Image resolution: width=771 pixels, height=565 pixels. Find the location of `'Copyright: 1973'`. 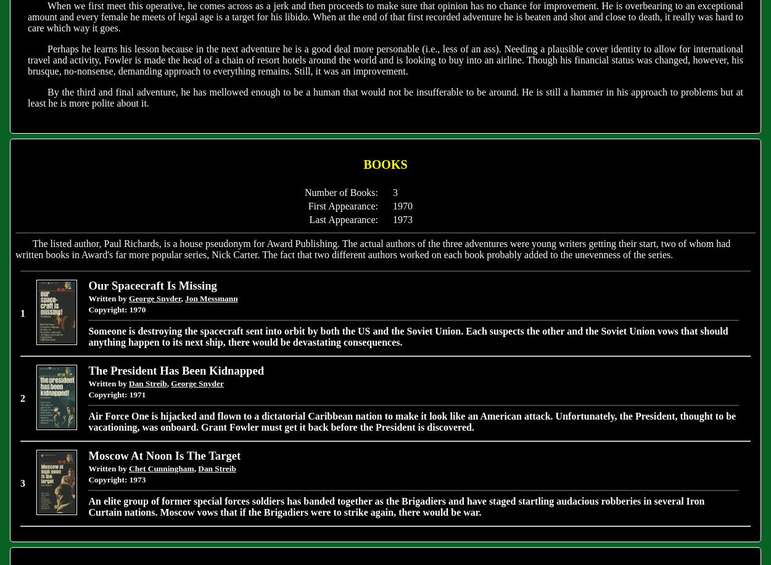

'Copyright: 1973' is located at coordinates (116, 478).